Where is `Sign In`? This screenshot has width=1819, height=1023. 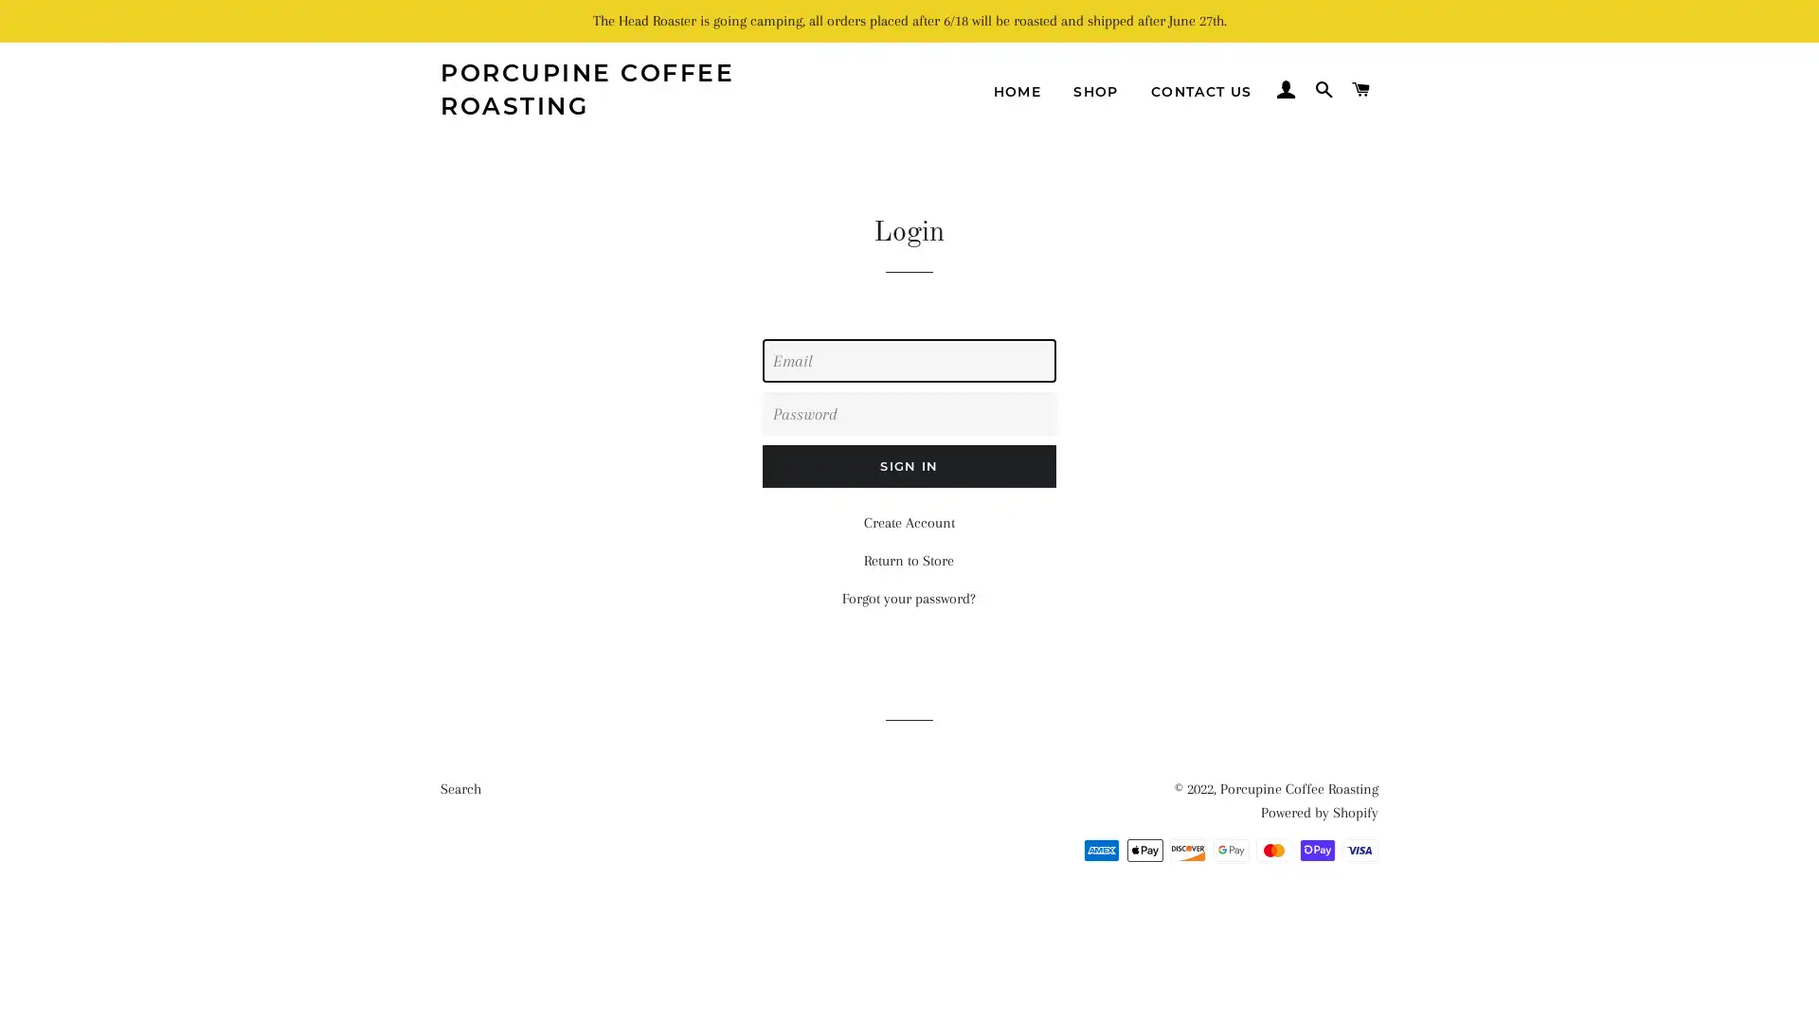 Sign In is located at coordinates (908, 466).